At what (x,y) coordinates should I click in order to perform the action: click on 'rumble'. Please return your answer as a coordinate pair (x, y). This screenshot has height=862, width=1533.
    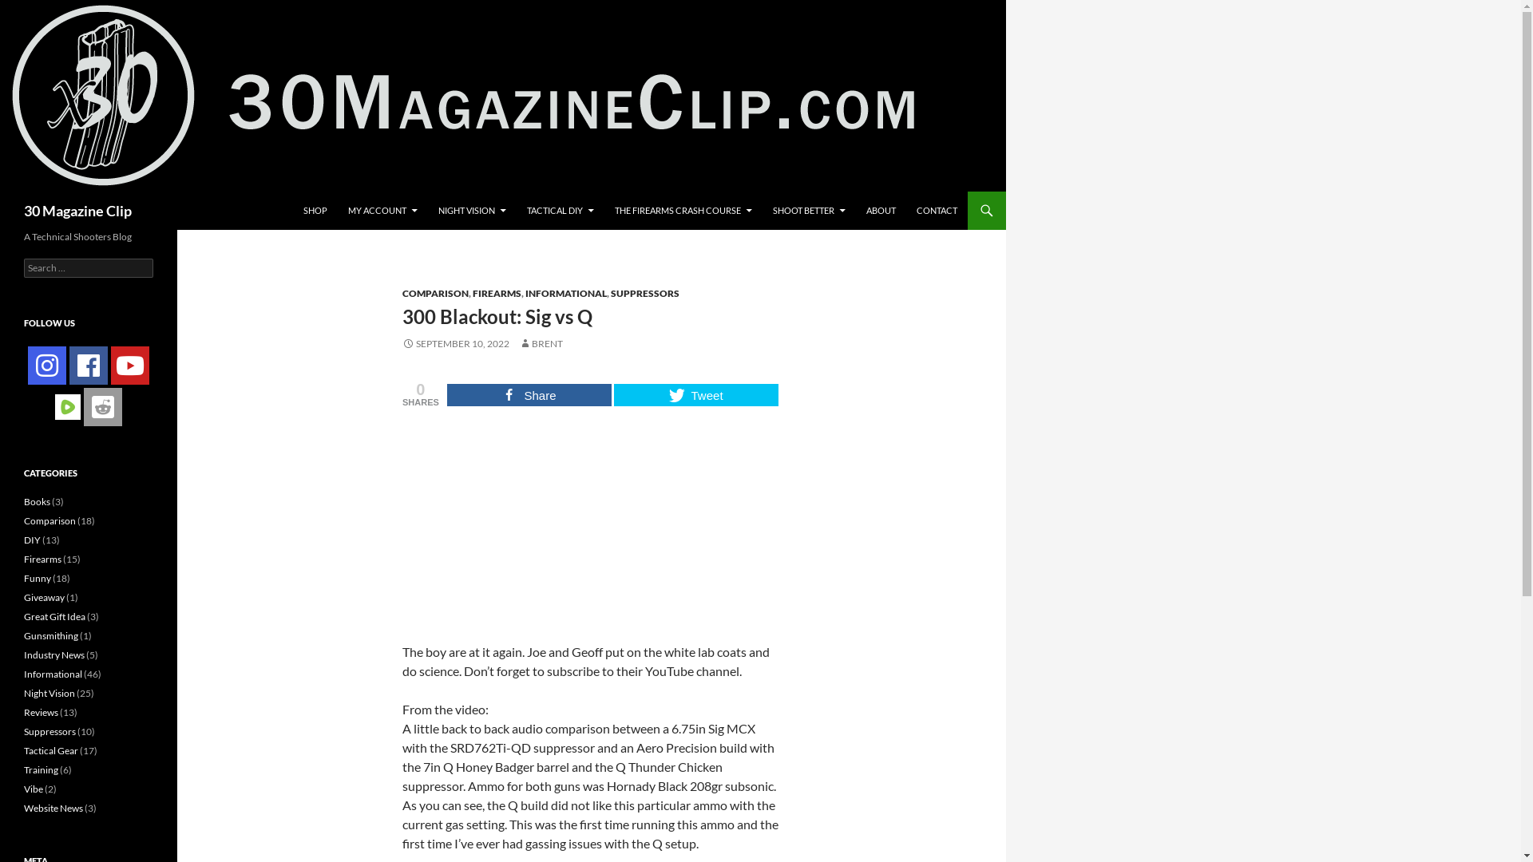
    Looking at the image, I should click on (54, 405).